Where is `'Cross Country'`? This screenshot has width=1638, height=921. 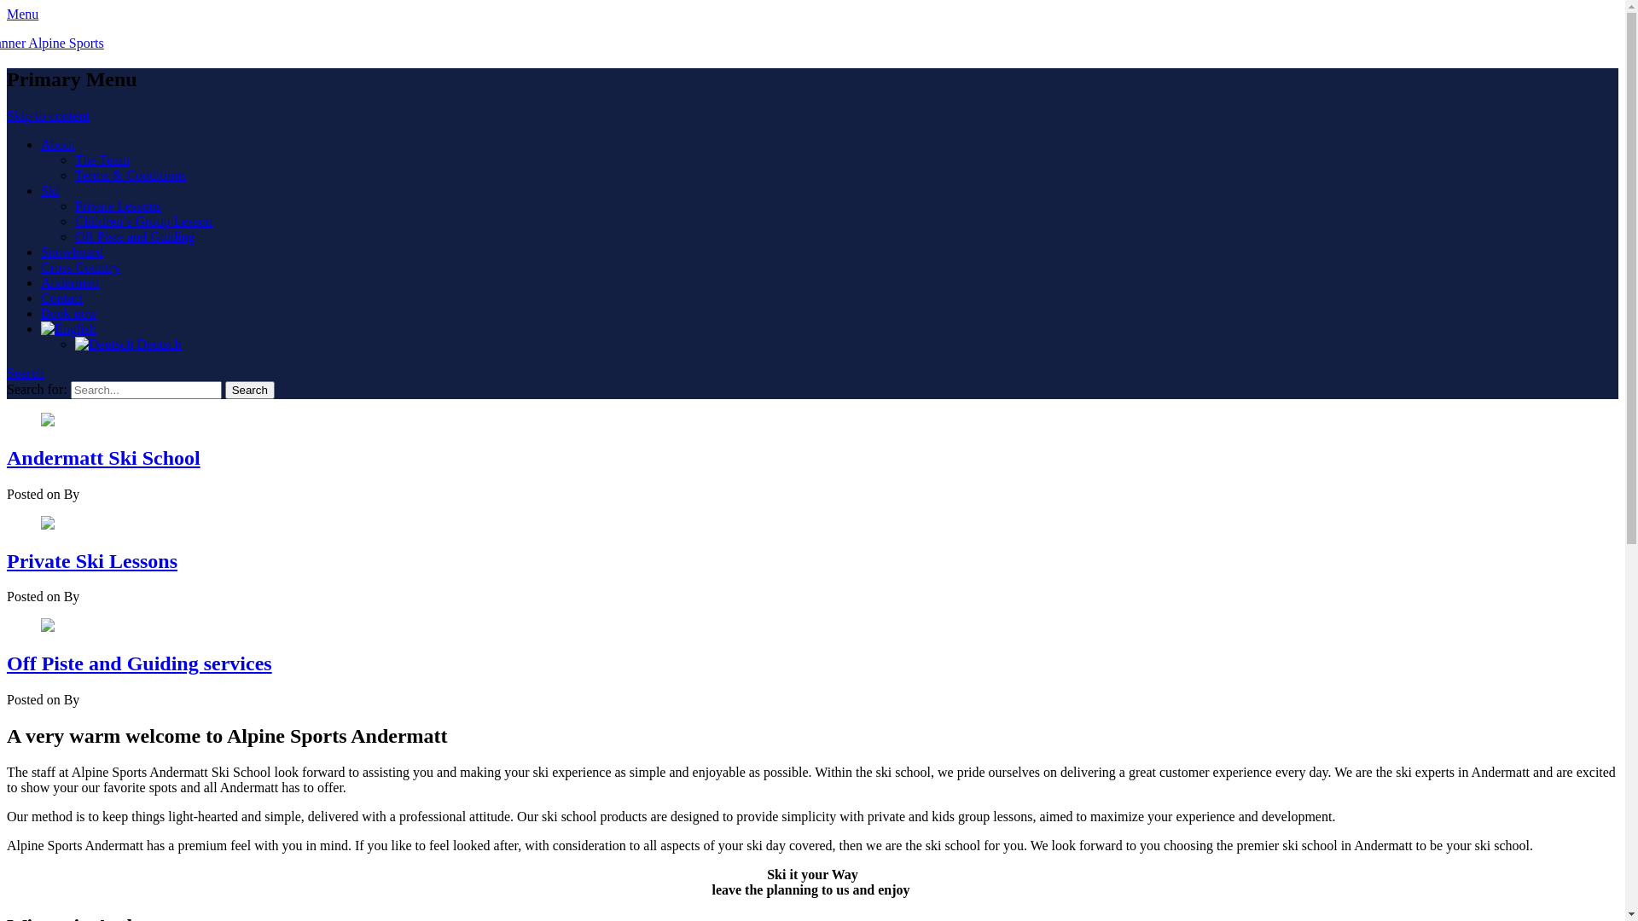 'Cross Country' is located at coordinates (79, 267).